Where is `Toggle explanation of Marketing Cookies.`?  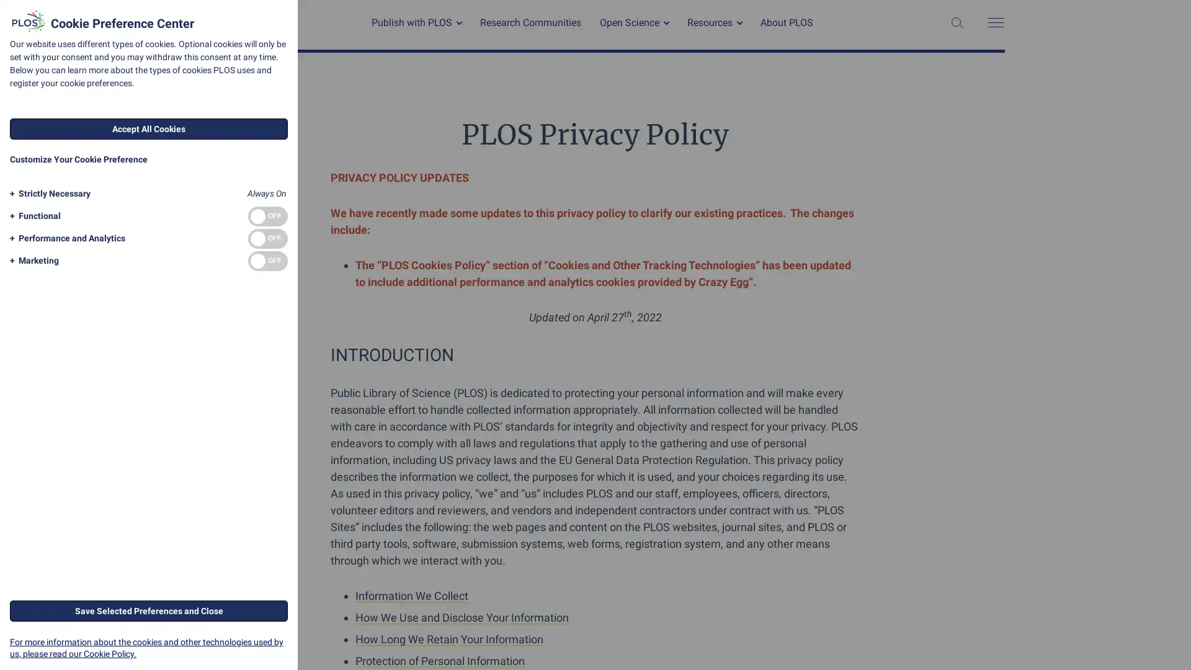
Toggle explanation of Marketing Cookies. is located at coordinates (32, 260).